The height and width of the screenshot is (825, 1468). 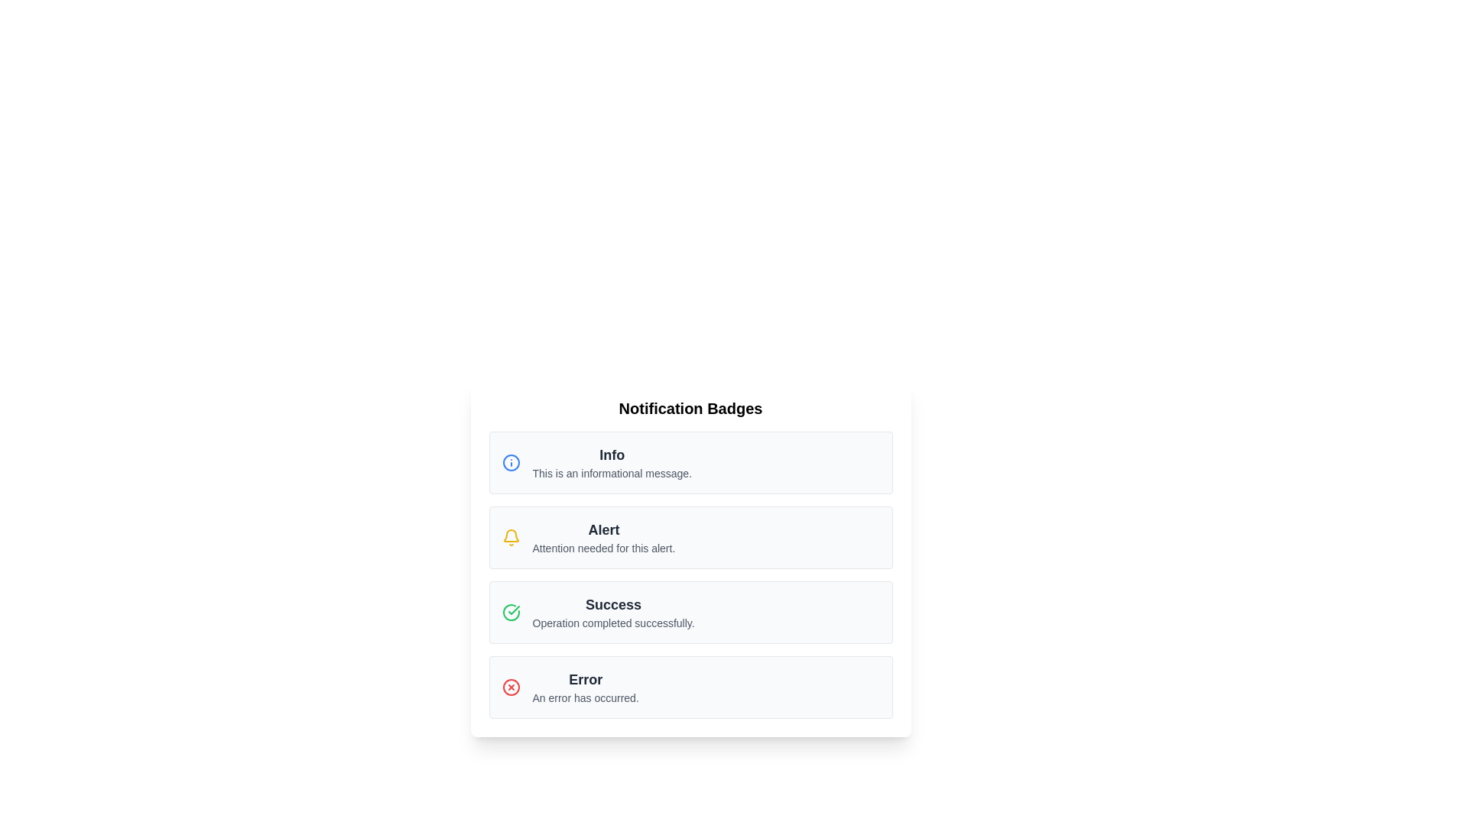 I want to click on the 'Alert' text element styled in large, bold, dark gray font, located in the second notification card above the descriptive text 'Attention needed for this alert.', so click(x=602, y=529).